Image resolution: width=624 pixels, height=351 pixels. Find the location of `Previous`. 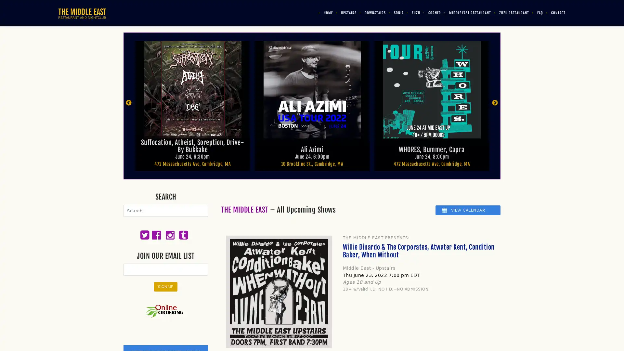

Previous is located at coordinates (130, 102).